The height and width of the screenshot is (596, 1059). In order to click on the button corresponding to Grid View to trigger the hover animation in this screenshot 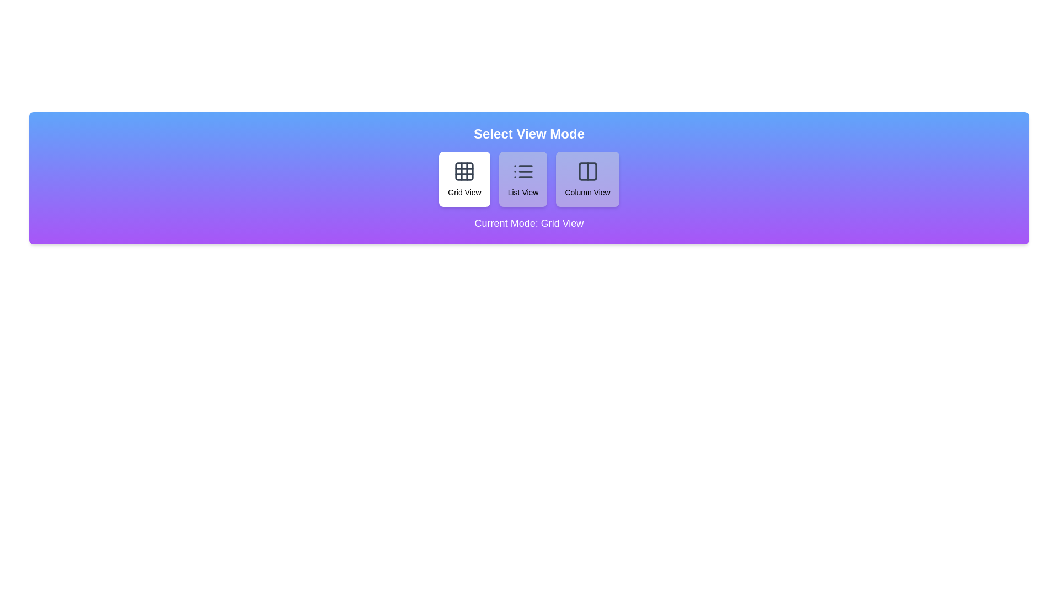, I will do `click(464, 178)`.